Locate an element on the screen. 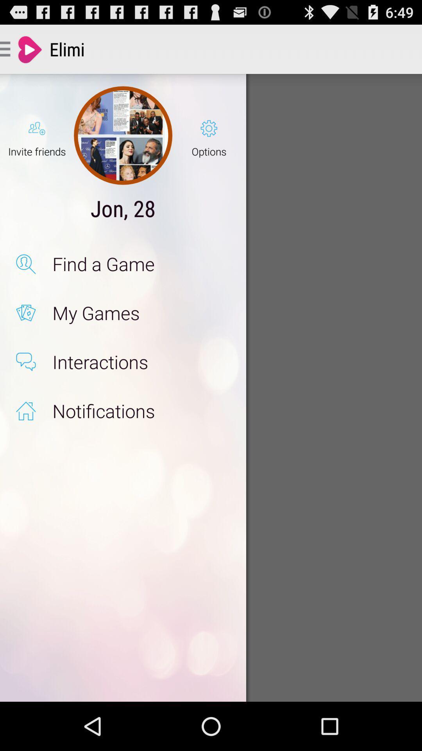 Image resolution: width=422 pixels, height=751 pixels. button to the left of the options button is located at coordinates (123, 135).